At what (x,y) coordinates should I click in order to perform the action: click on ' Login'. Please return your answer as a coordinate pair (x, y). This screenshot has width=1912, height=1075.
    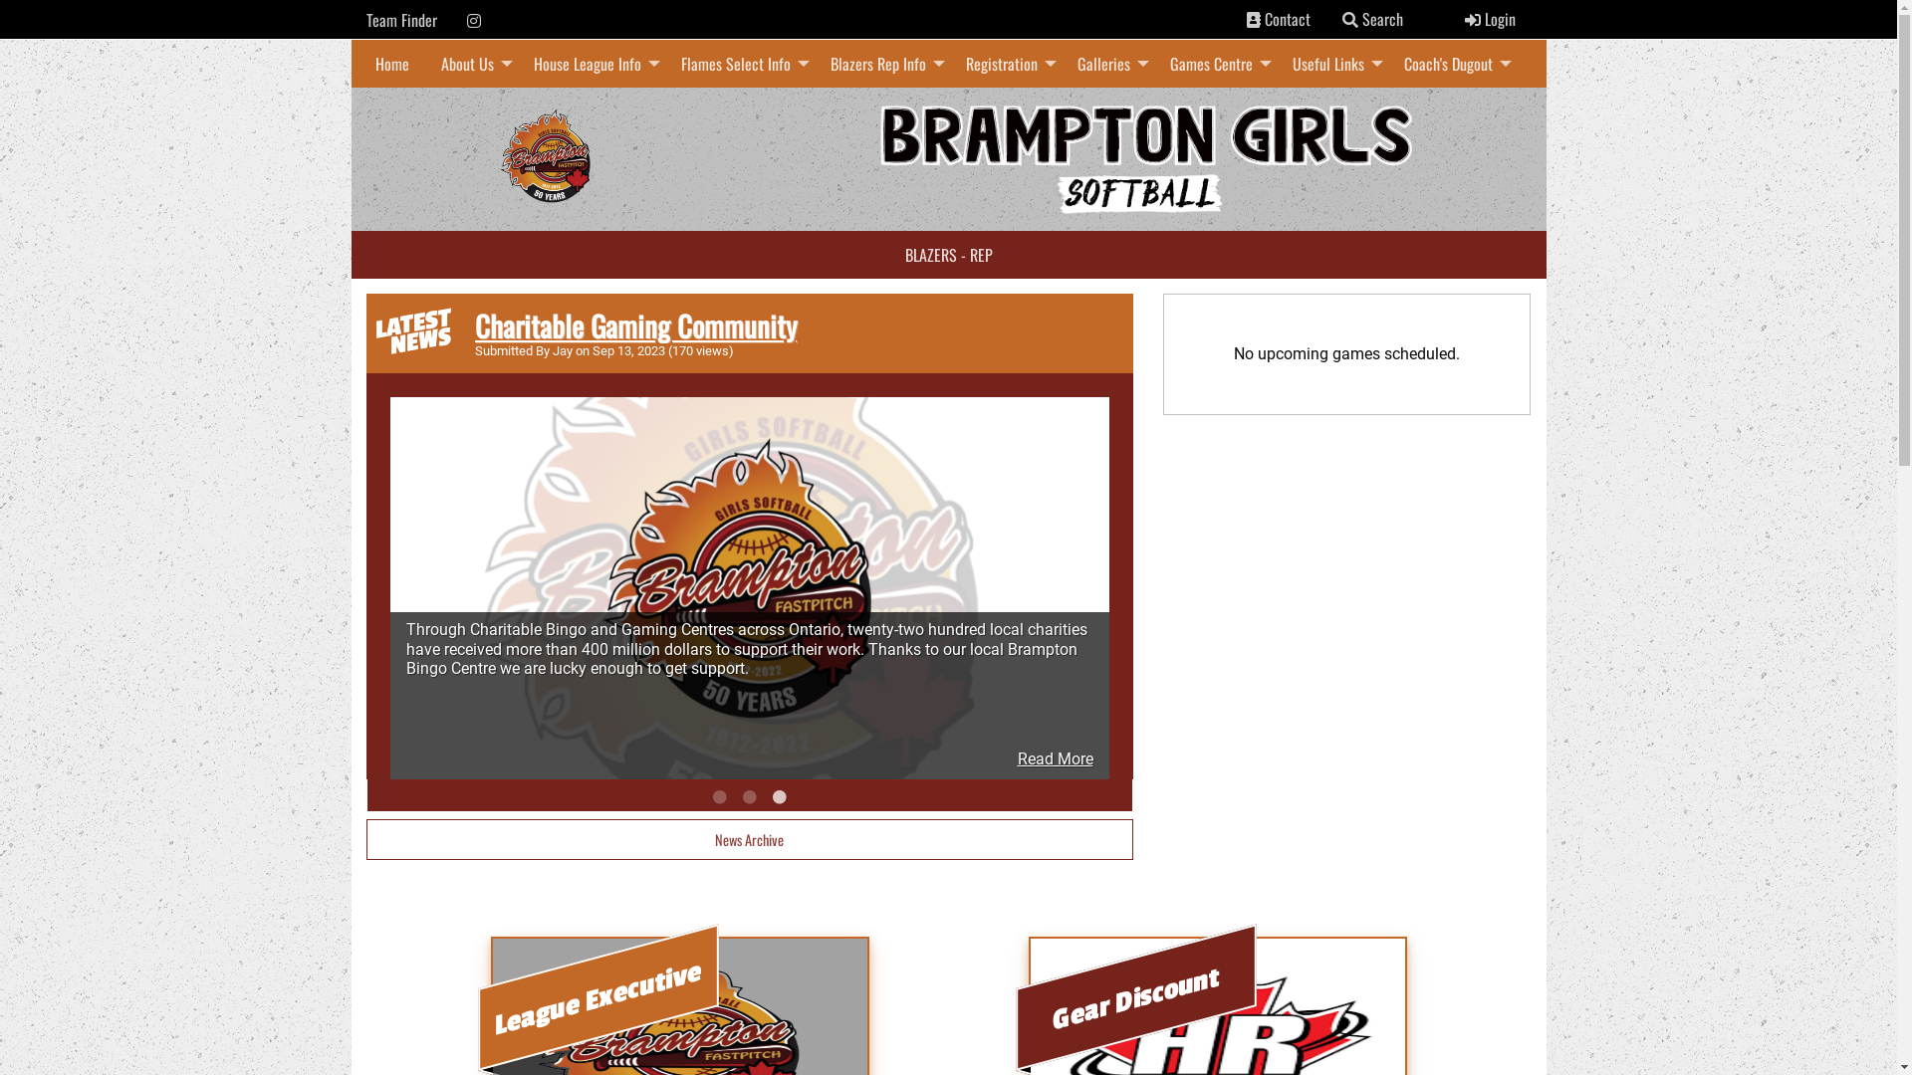
    Looking at the image, I should click on (1489, 19).